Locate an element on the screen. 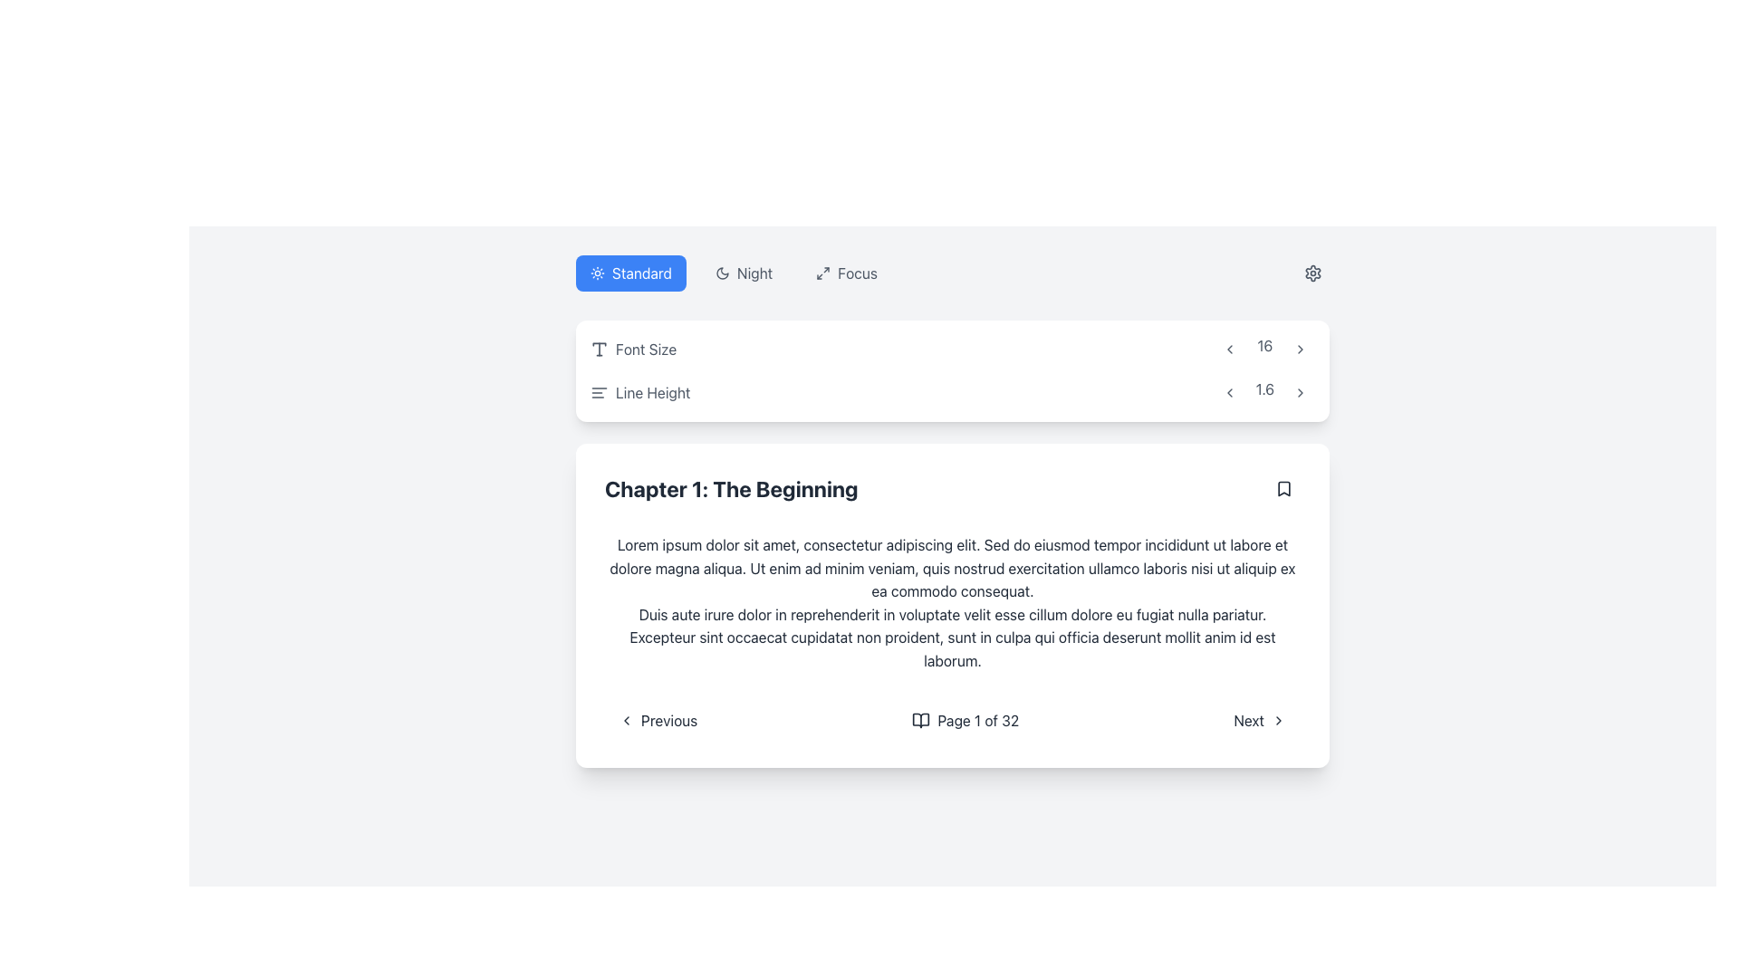  the sun icon located within the blue button labeled 'Standard' on the navigation bar is located at coordinates (598, 273).